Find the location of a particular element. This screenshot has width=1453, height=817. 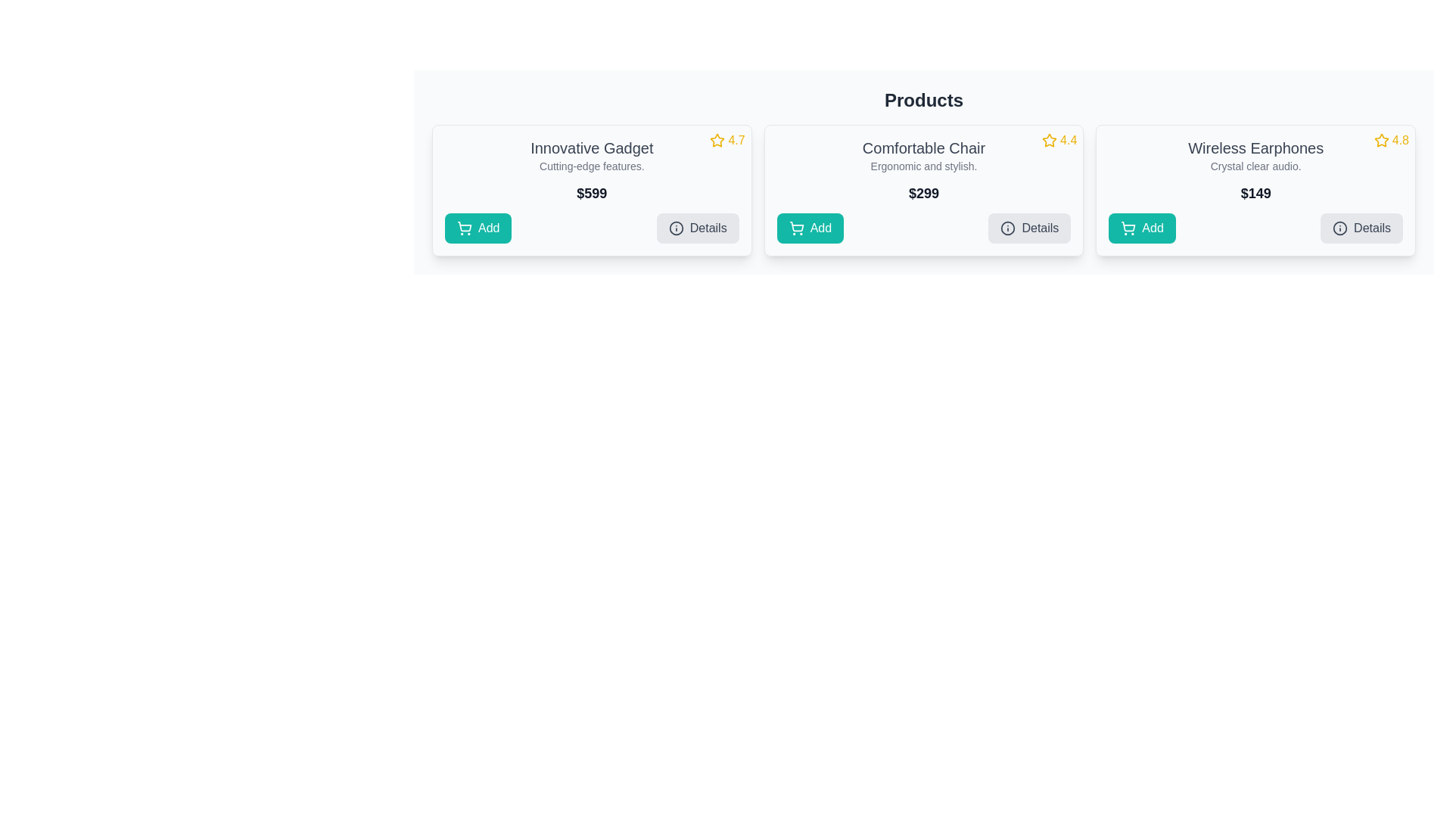

the 'Details' button, which is a rectangular button with a light gray background and rounded corners, located in the bottom right corner of the 'Comfortable Chair' product card is located at coordinates (1029, 228).